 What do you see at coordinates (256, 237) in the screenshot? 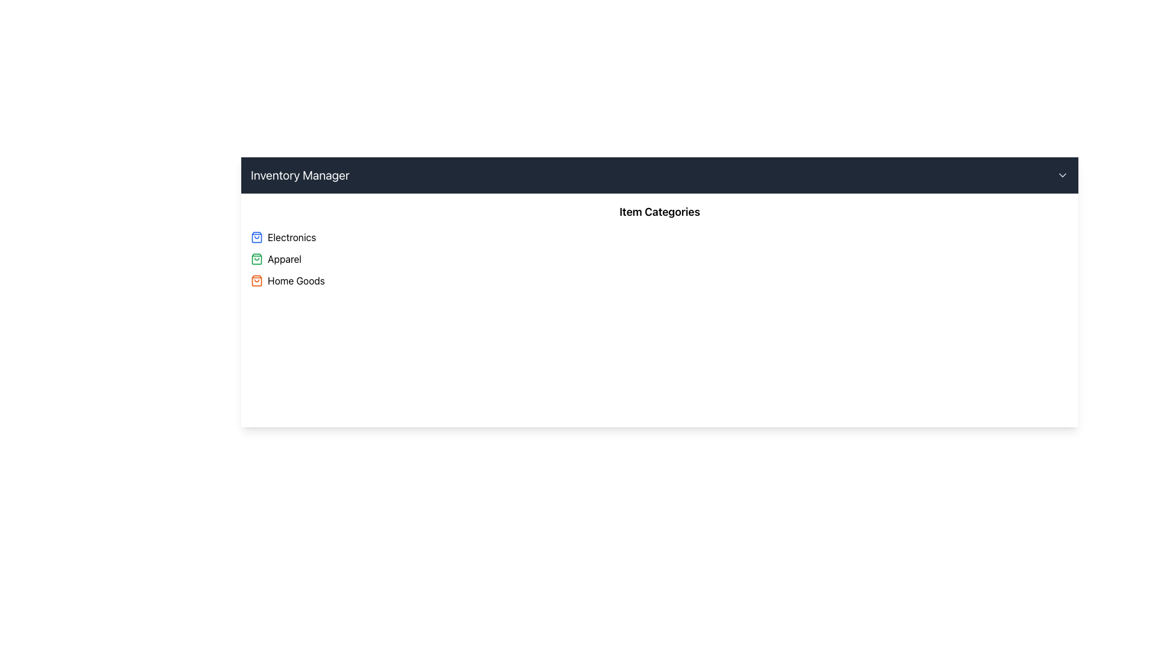
I see `the 'Electronics' category icon, which is the first visual item in the row labeled 'Electronics' within the 'Item Categories' section` at bounding box center [256, 237].